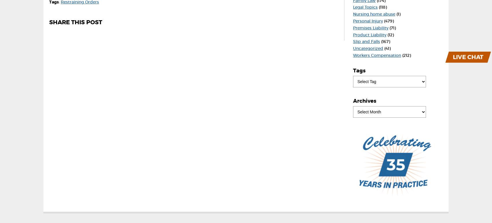 The image size is (492, 223). What do you see at coordinates (353, 14) in the screenshot?
I see `'Nursing home abuse'` at bounding box center [353, 14].